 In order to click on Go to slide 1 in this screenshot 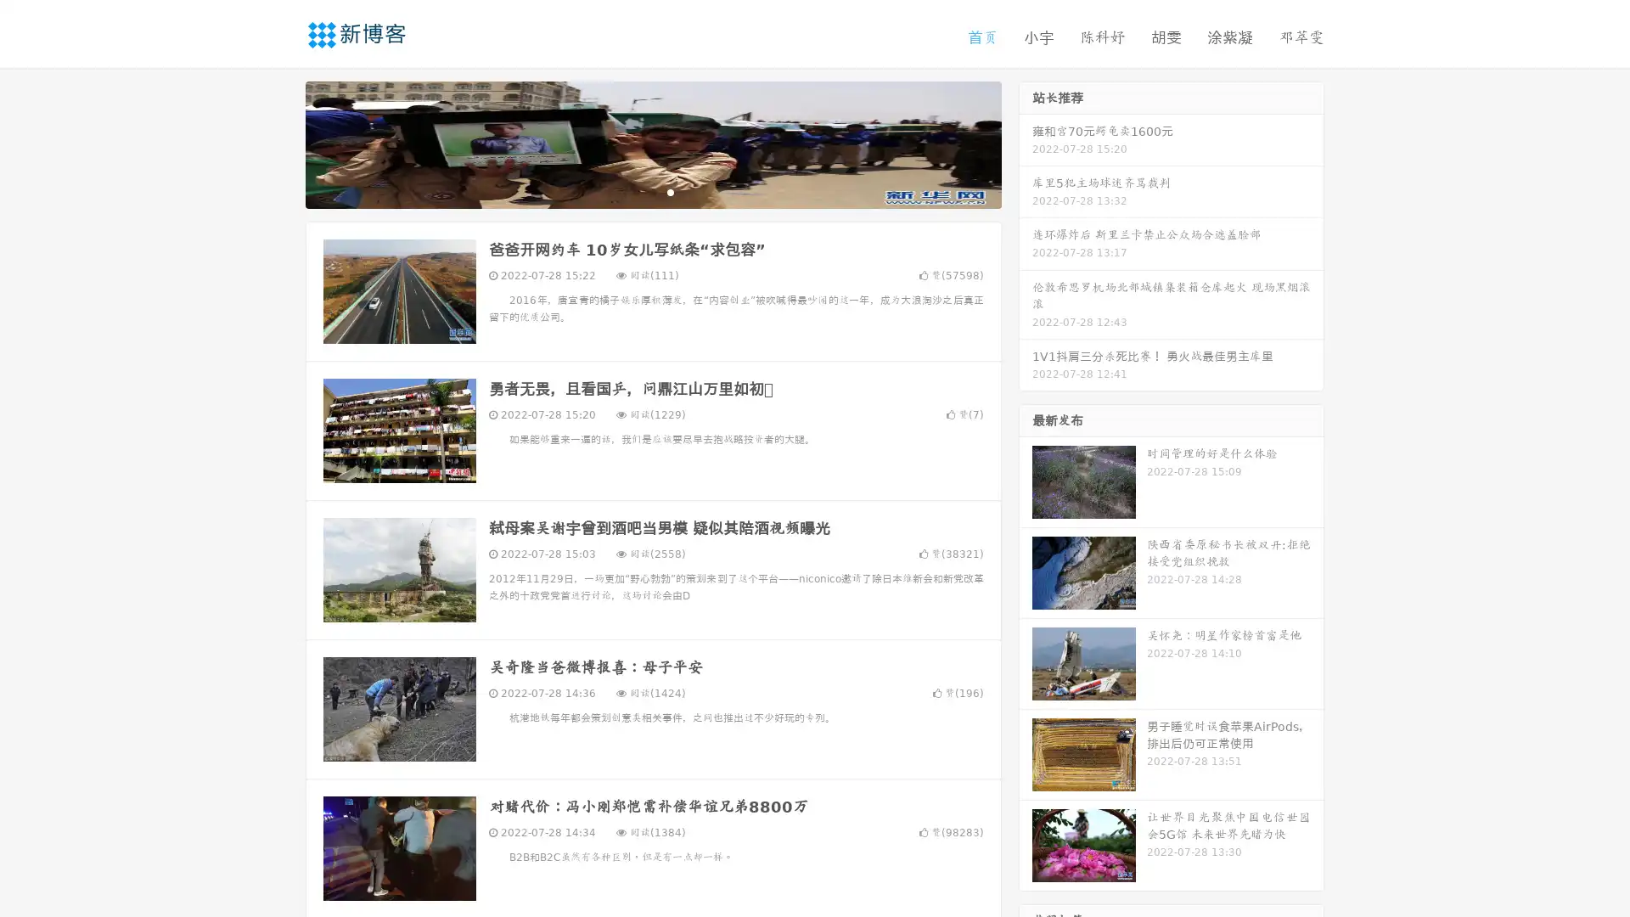, I will do `click(635, 191)`.